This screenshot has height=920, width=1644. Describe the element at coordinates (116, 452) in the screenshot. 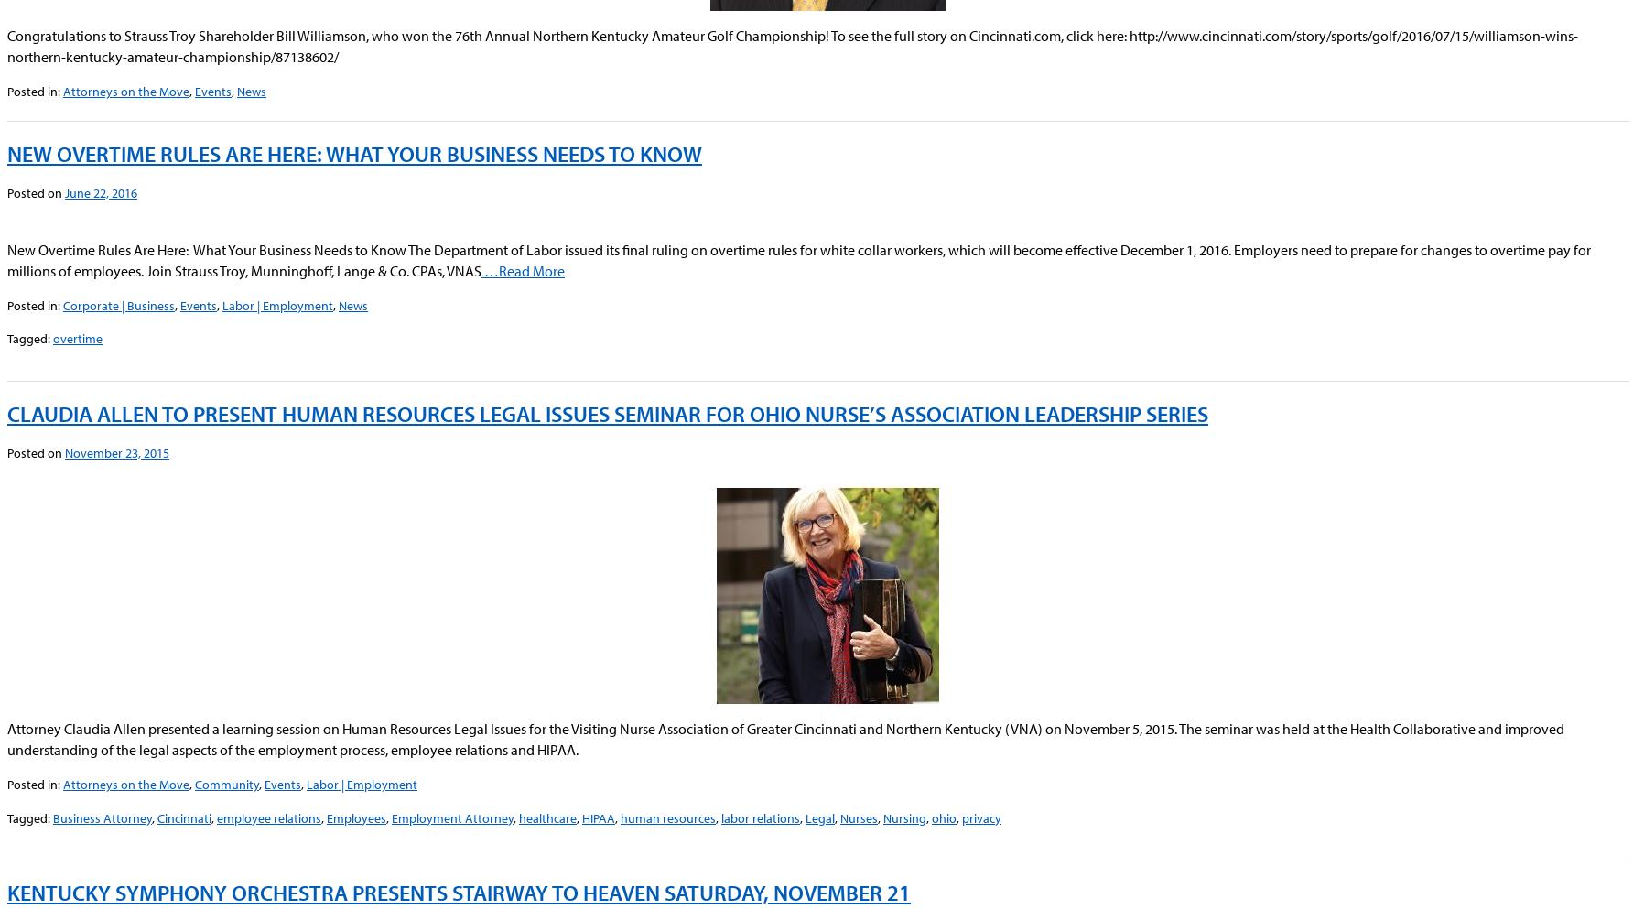

I see `'November 23, 2015'` at that location.